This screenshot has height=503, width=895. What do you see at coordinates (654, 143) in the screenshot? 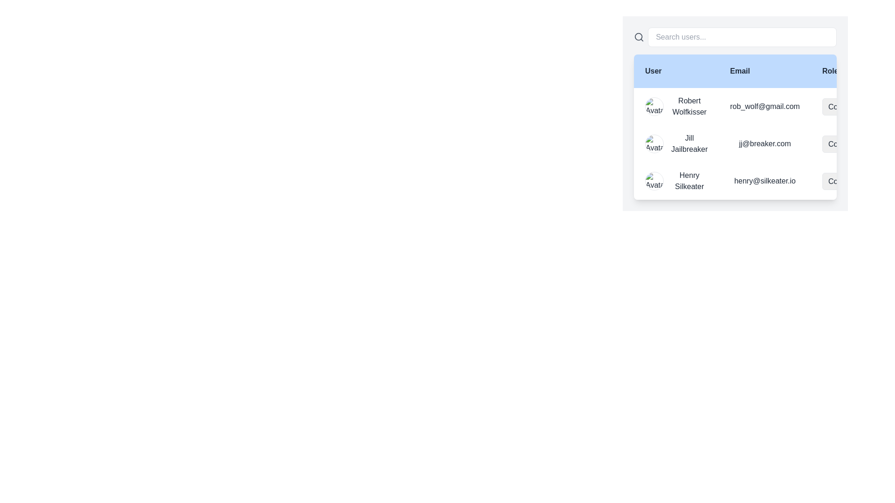
I see `the circular avatar image of 'Jill Jailbreaker' located in the user list, which is styled with a border and a rounded shape` at bounding box center [654, 143].